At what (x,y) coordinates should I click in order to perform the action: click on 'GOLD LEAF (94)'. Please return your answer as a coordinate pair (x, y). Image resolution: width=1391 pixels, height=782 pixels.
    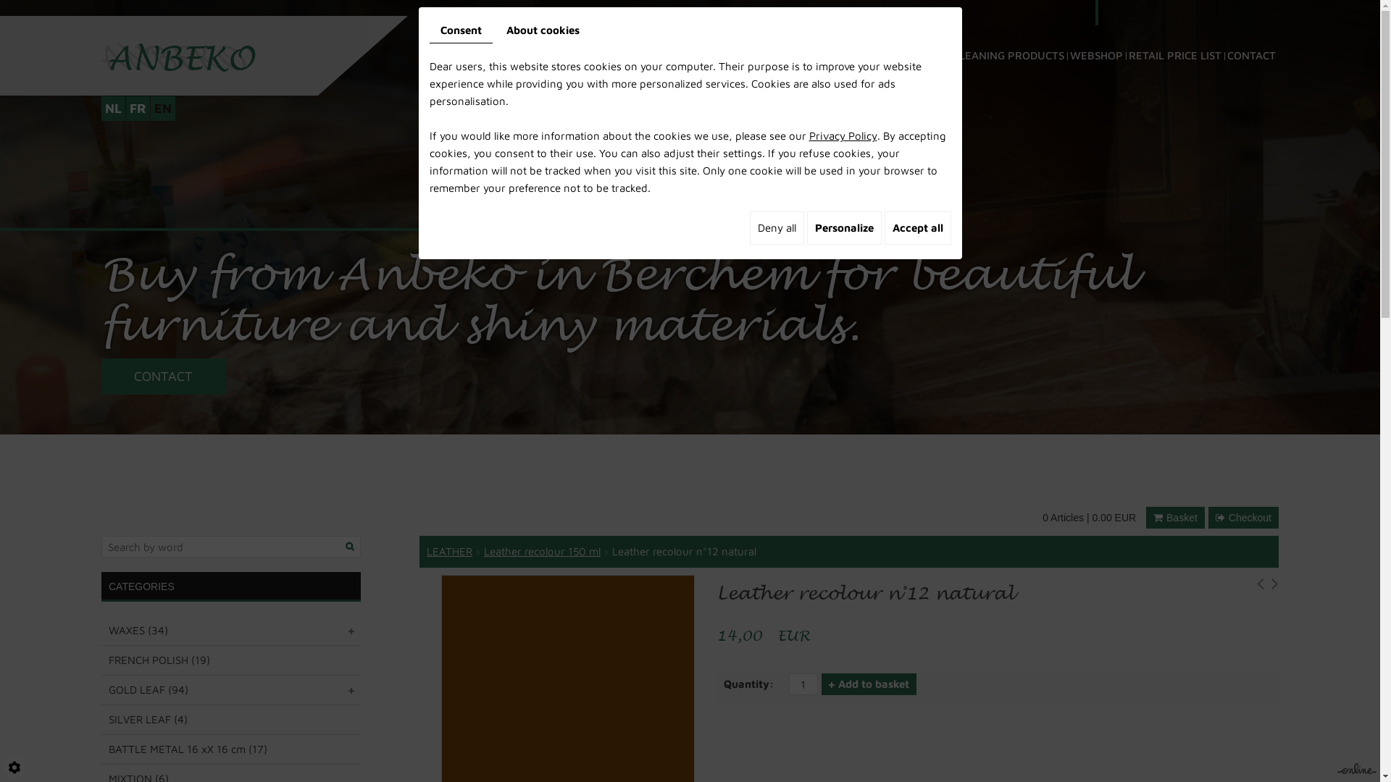
    Looking at the image, I should click on (230, 689).